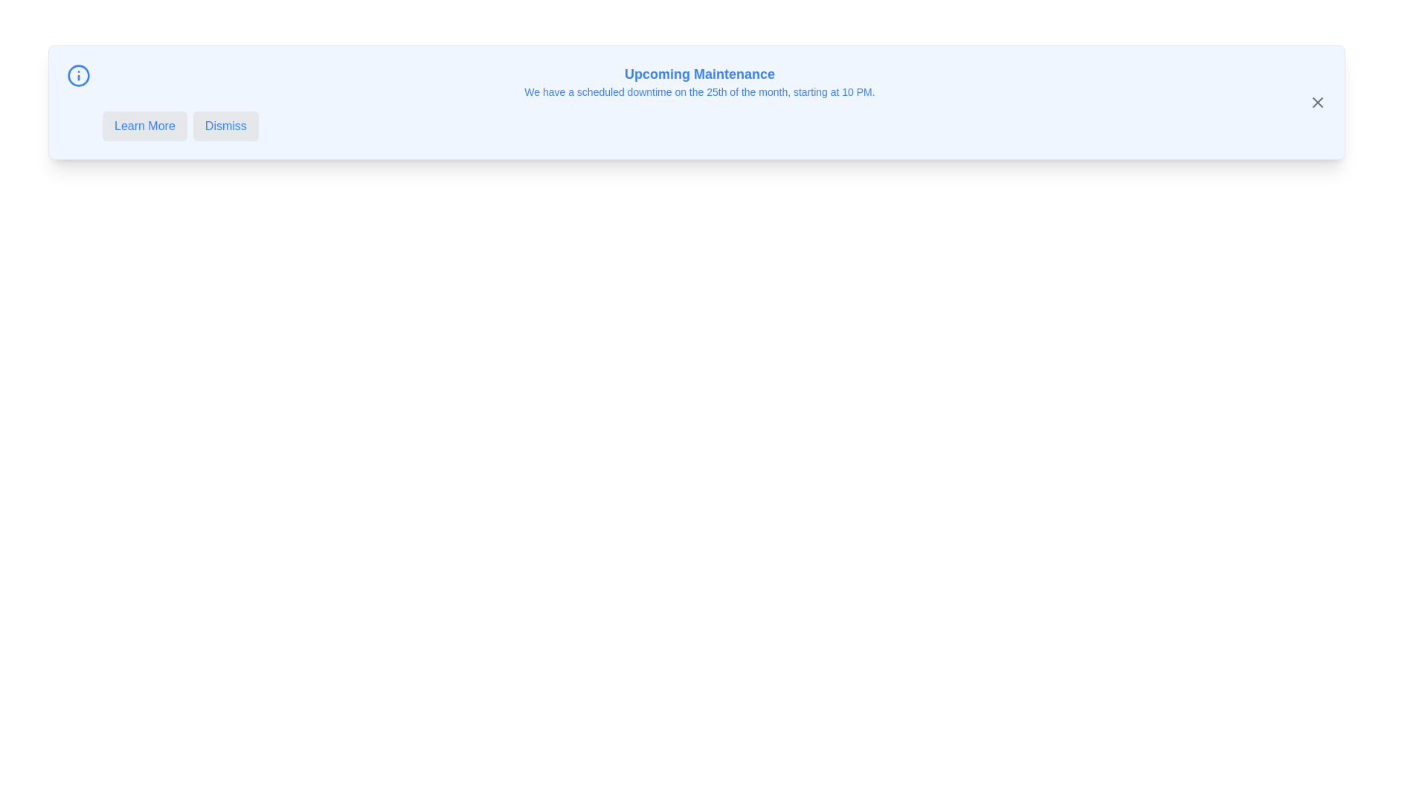 This screenshot has width=1428, height=803. What do you see at coordinates (225, 125) in the screenshot?
I see `the 'Dismiss' button, which is a light gray button with rounded corners located to the right of the 'Learn More' button in the notification panel` at bounding box center [225, 125].